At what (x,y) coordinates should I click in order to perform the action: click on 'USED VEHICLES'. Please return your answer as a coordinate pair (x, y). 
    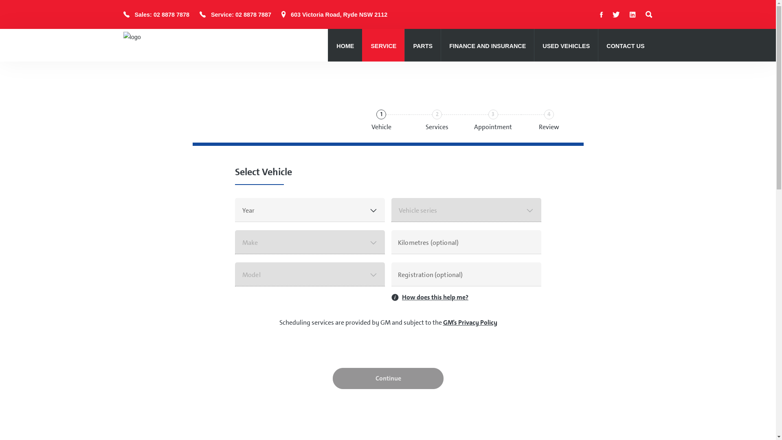
    Looking at the image, I should click on (542, 46).